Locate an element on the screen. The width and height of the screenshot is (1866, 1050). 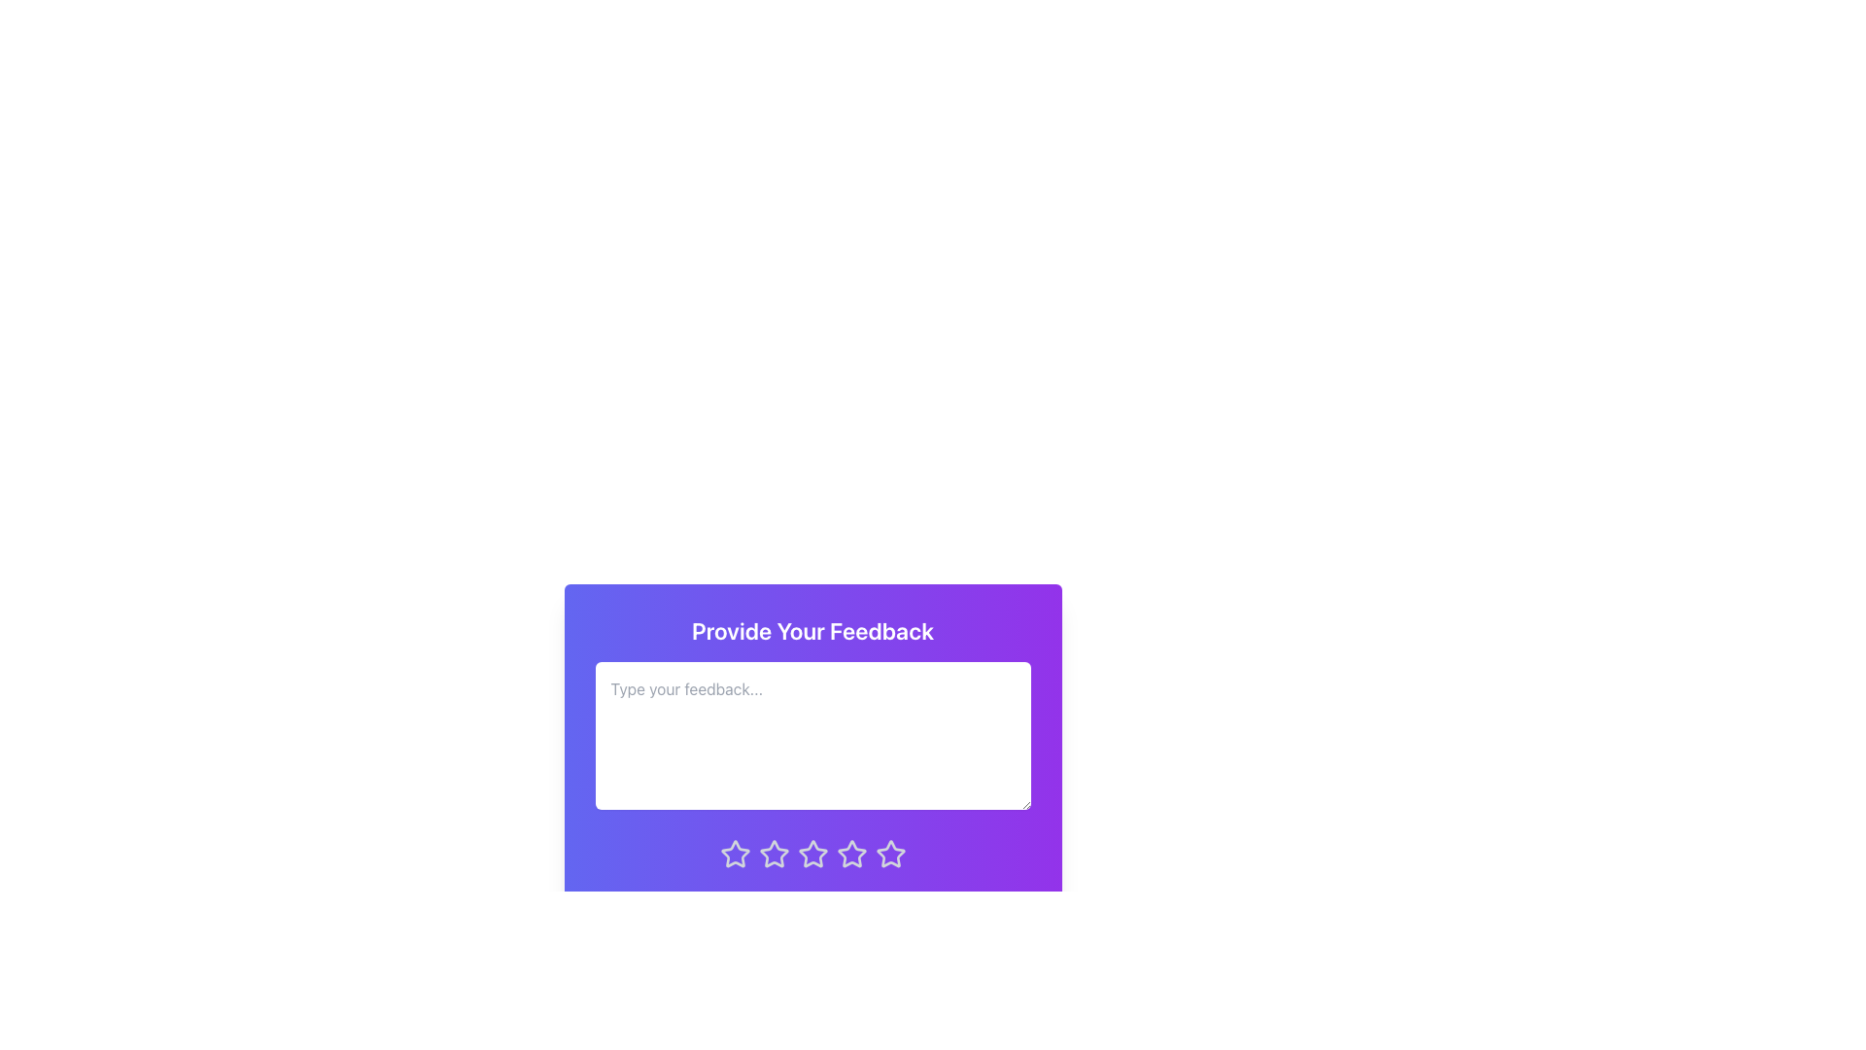
the first rating star icon is located at coordinates (734, 853).